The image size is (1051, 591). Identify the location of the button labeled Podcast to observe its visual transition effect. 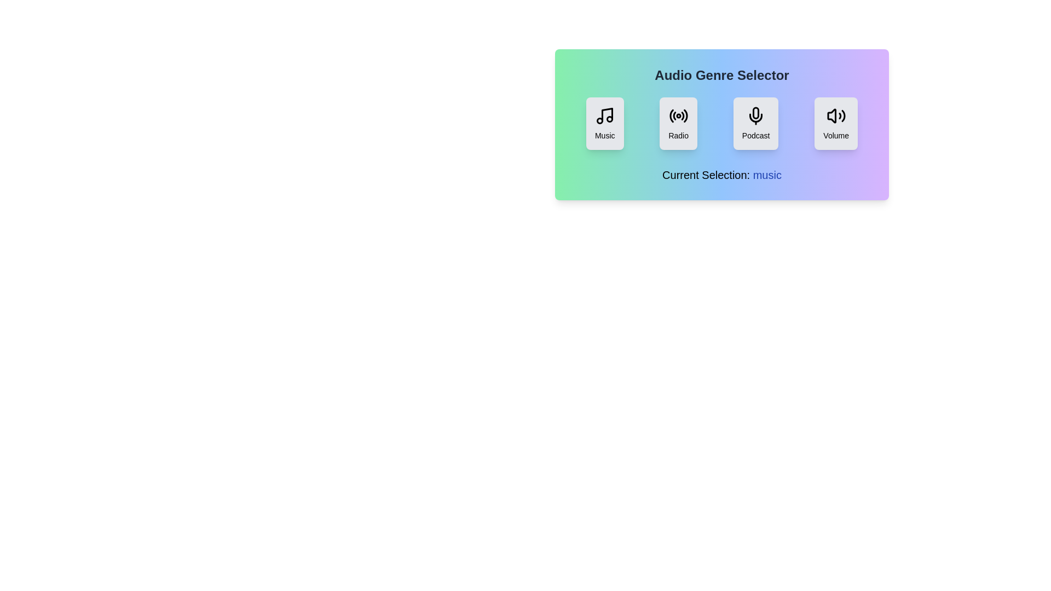
(755, 123).